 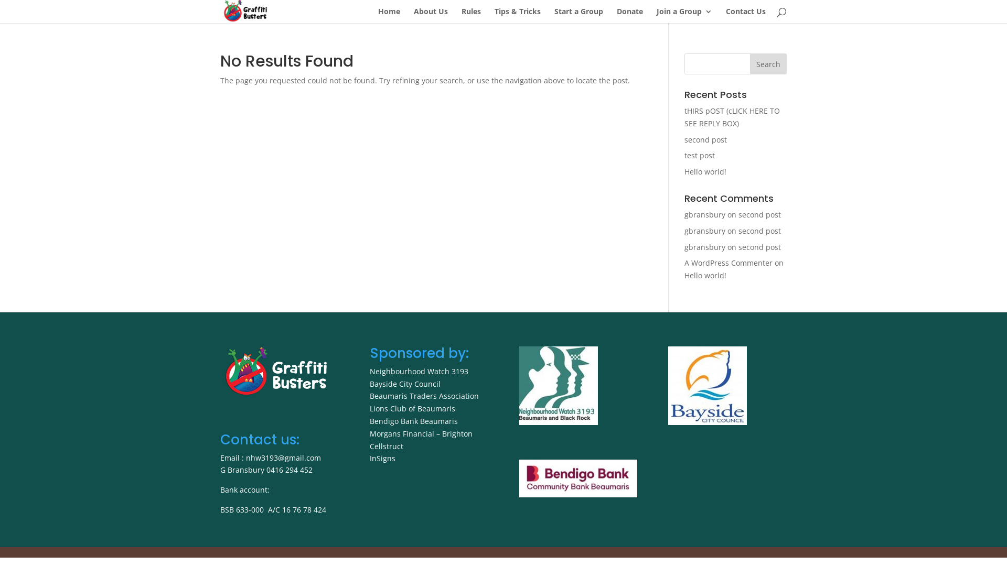 What do you see at coordinates (705, 139) in the screenshot?
I see `'second post'` at bounding box center [705, 139].